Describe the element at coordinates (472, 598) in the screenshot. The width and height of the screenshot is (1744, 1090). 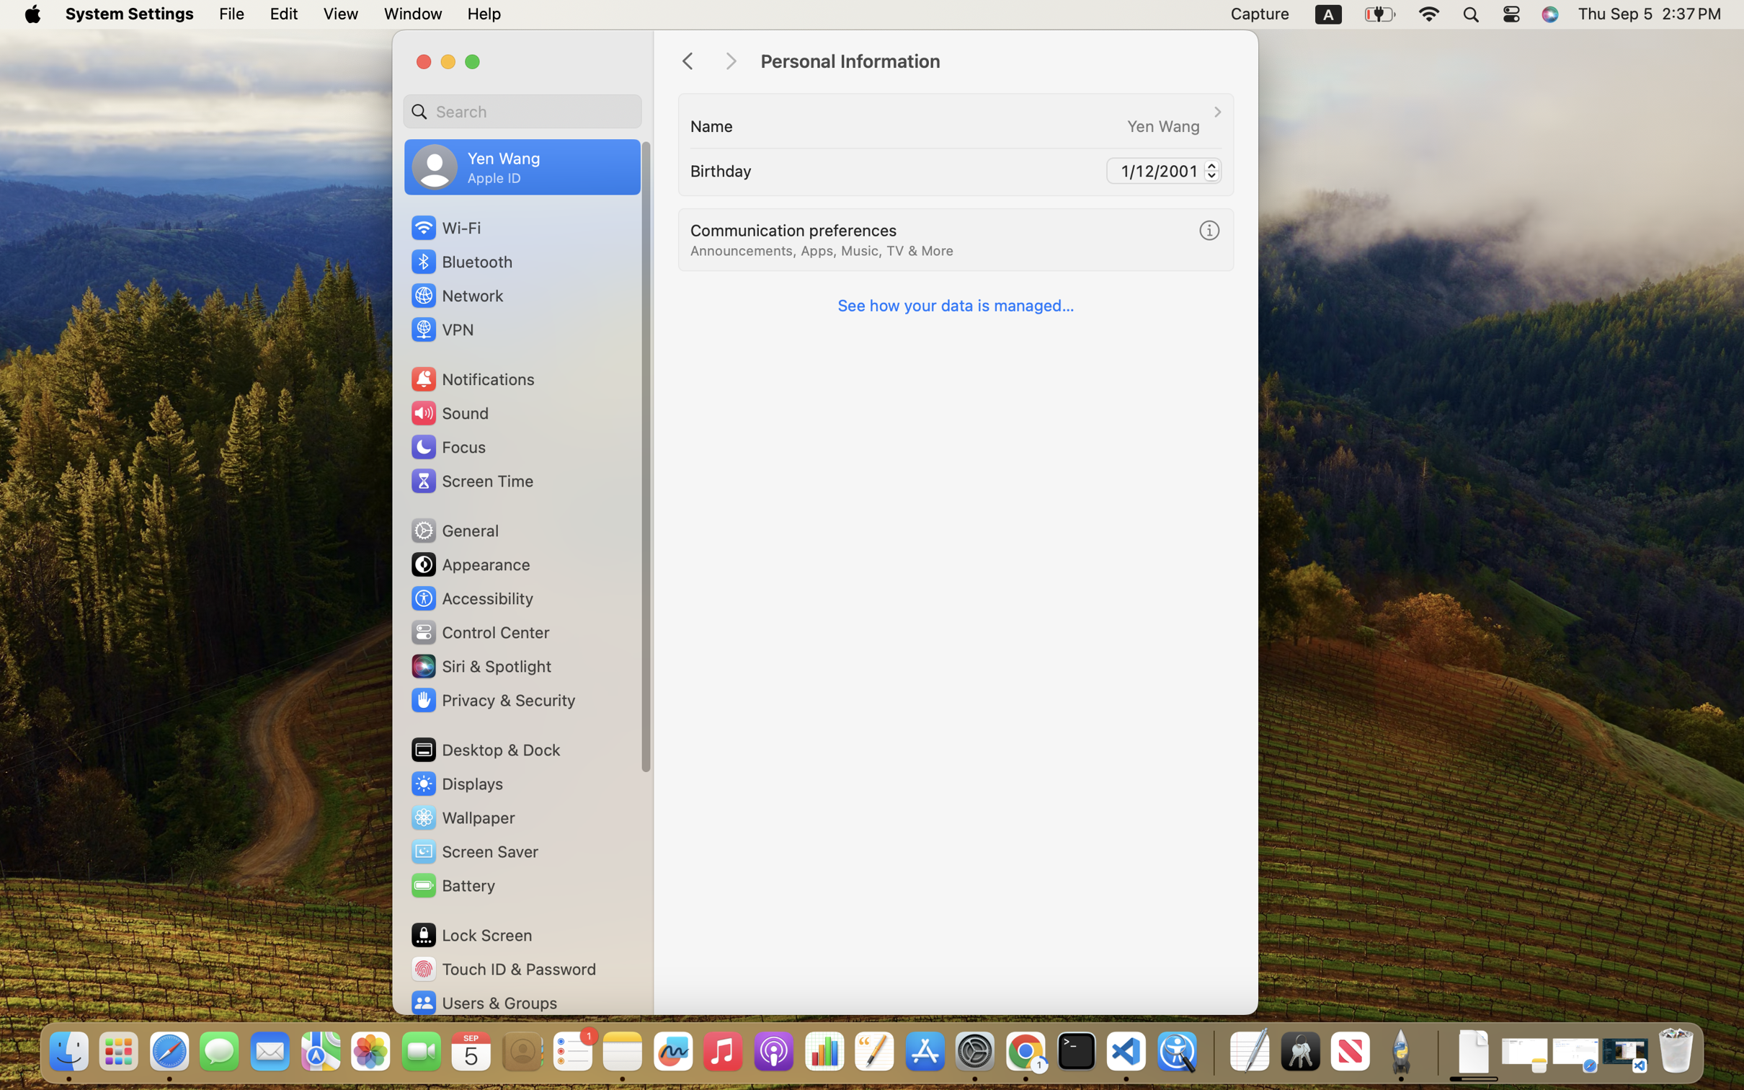
I see `'Accessibility'` at that location.